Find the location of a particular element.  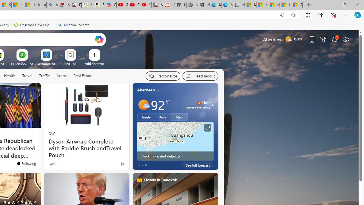

'Check more alert details' is located at coordinates (175, 156).